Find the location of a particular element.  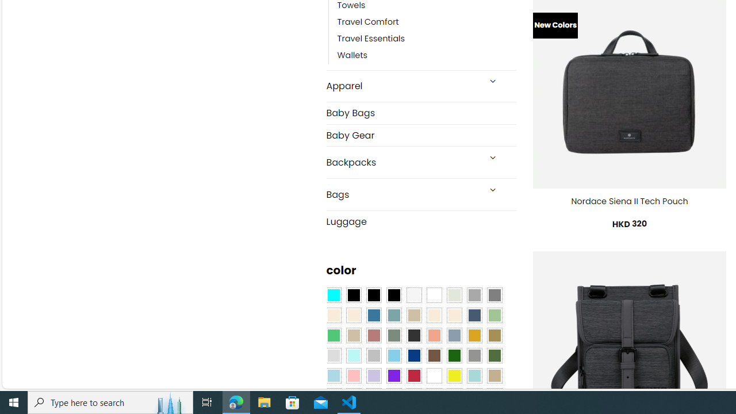

'All Gray' is located at coordinates (494, 295).